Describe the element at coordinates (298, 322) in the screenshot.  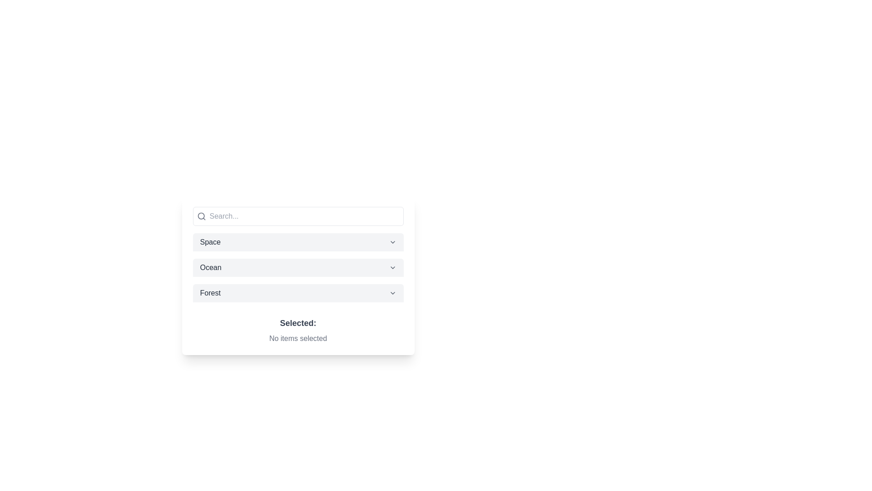
I see `the static text label that displays 'Selected:' which is styled in bold and prominently placed within the interface` at that location.